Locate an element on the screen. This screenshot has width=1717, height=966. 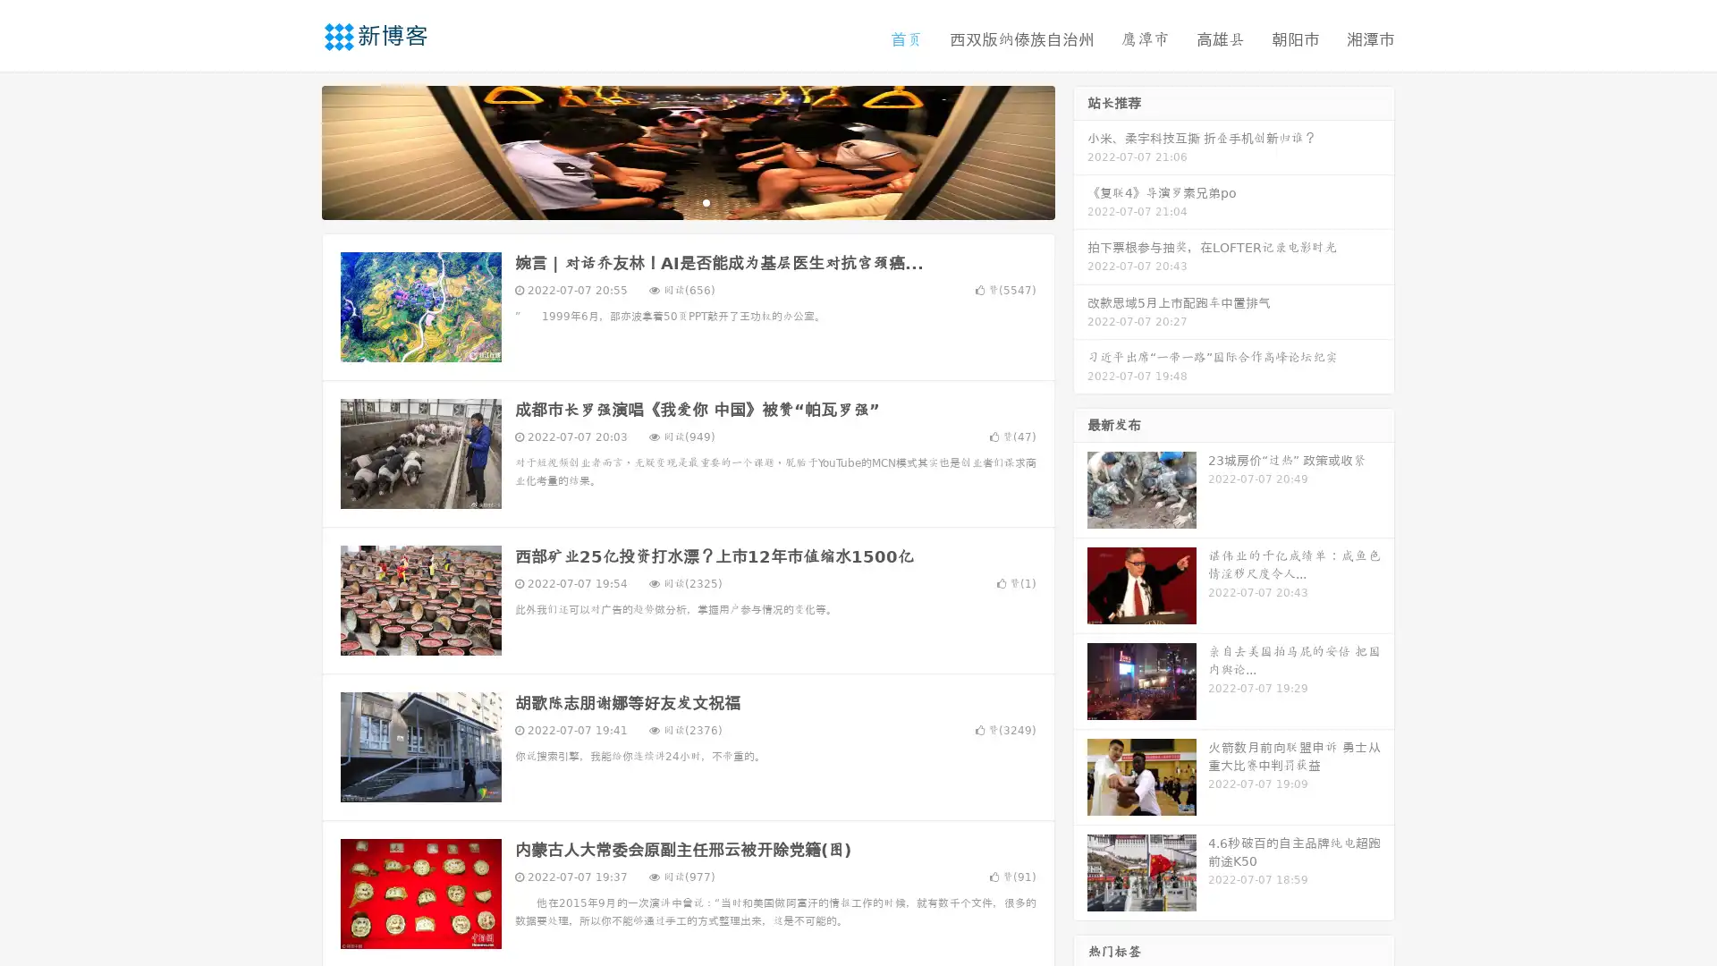
Go to slide 3 is located at coordinates (706, 201).